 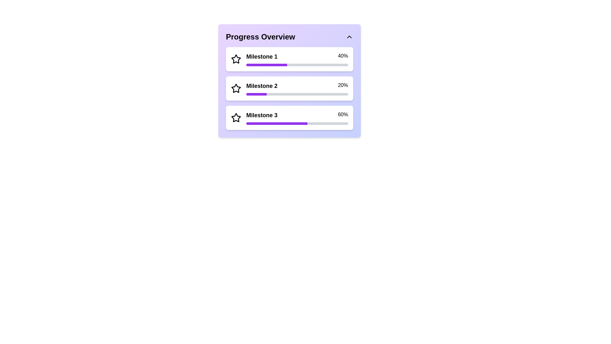 What do you see at coordinates (297, 88) in the screenshot?
I see `the progress bar labeled 'Milestone 2' with a progress percentage of '20%'` at bounding box center [297, 88].